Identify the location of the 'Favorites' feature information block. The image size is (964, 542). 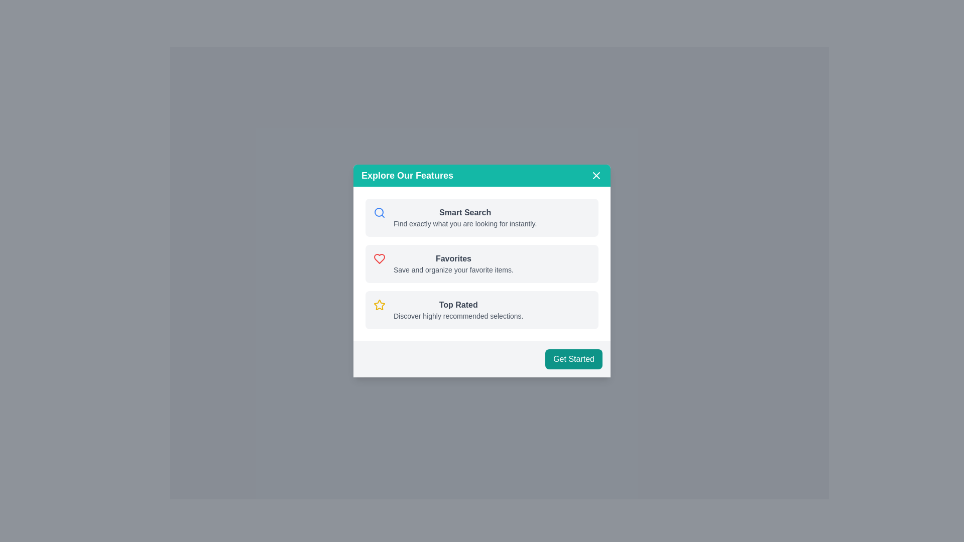
(453, 263).